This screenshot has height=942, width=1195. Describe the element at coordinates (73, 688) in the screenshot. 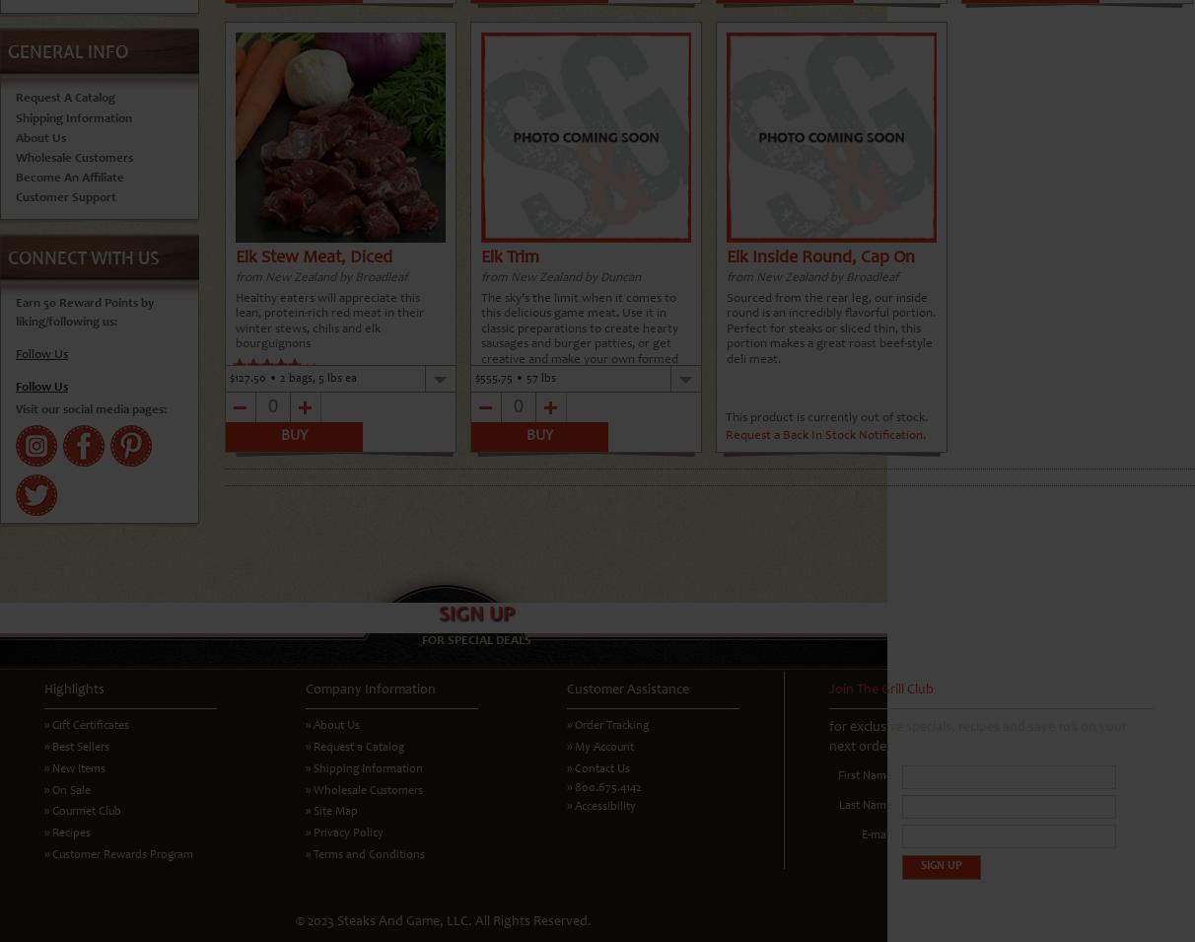

I see `'Highlights'` at that location.